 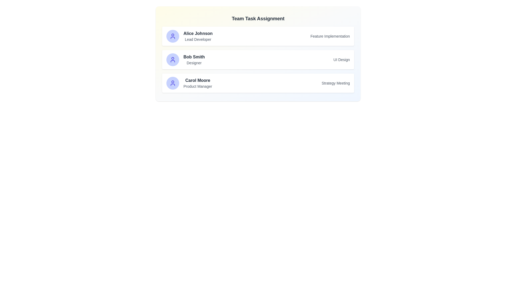 What do you see at coordinates (173, 36) in the screenshot?
I see `the avatar icon representing 'Alice Johnson' in the team member list, which is located to the left of the text block displaying the name` at bounding box center [173, 36].